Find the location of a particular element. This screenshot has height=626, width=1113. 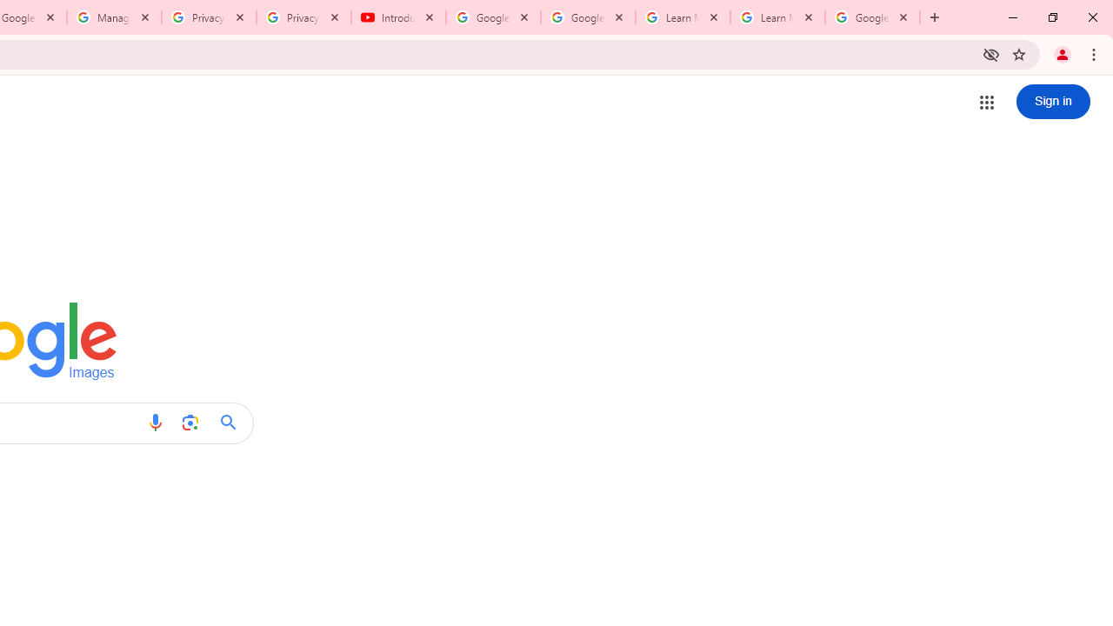

'Google Search' is located at coordinates (232, 423).